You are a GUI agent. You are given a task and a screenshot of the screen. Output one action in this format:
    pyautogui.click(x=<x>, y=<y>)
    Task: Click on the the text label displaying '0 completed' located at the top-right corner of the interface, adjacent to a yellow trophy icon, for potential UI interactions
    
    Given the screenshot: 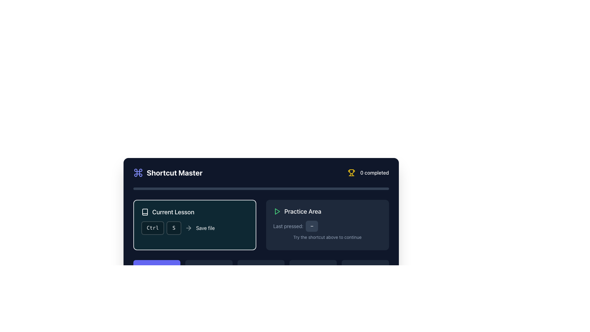 What is the action you would take?
    pyautogui.click(x=374, y=173)
    